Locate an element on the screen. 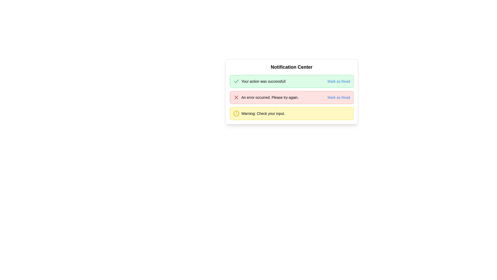 This screenshot has height=280, width=497. the static text label that conveys an error notification to the user, positioned between the 'X' icon and the 'Mark as Read' label is located at coordinates (269, 97).